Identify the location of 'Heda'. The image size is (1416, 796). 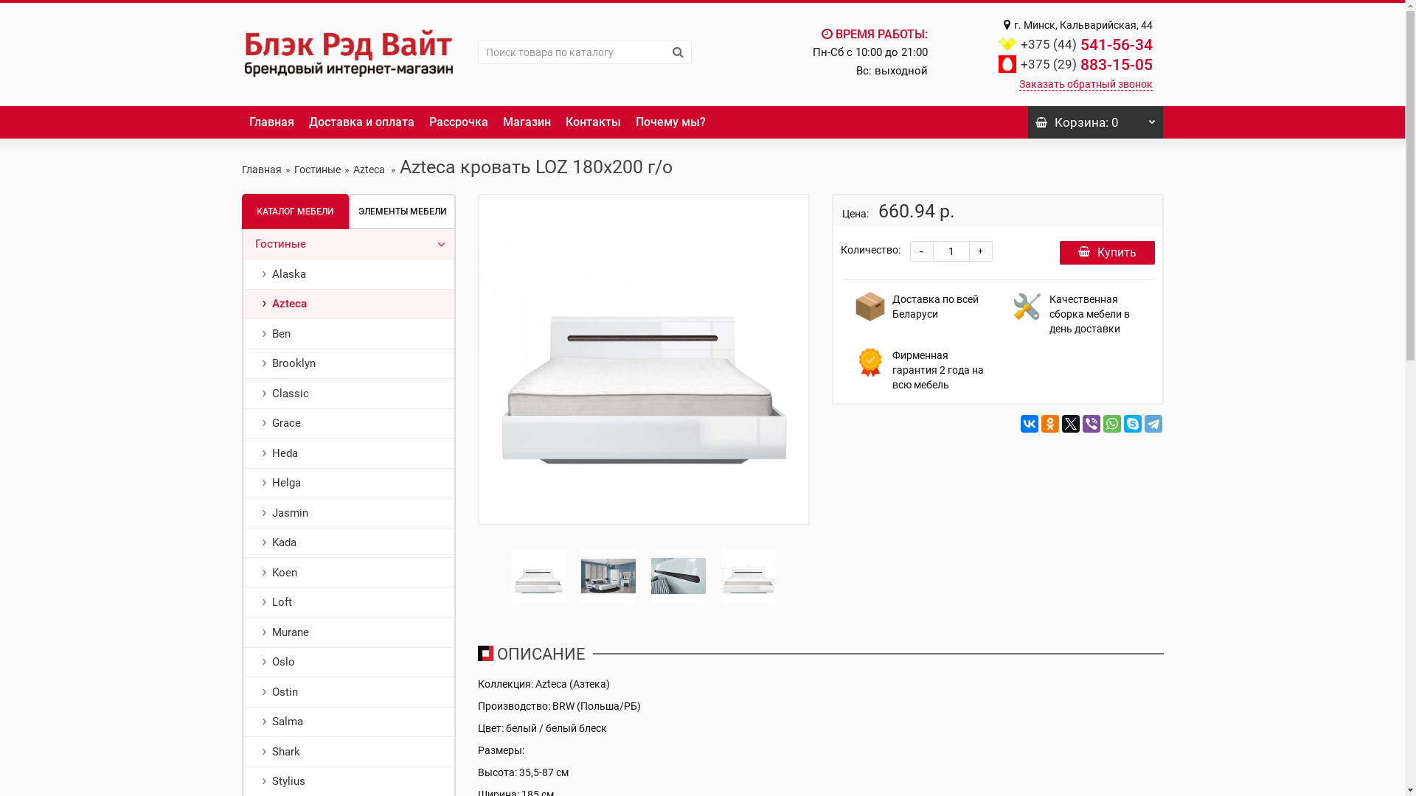
(348, 452).